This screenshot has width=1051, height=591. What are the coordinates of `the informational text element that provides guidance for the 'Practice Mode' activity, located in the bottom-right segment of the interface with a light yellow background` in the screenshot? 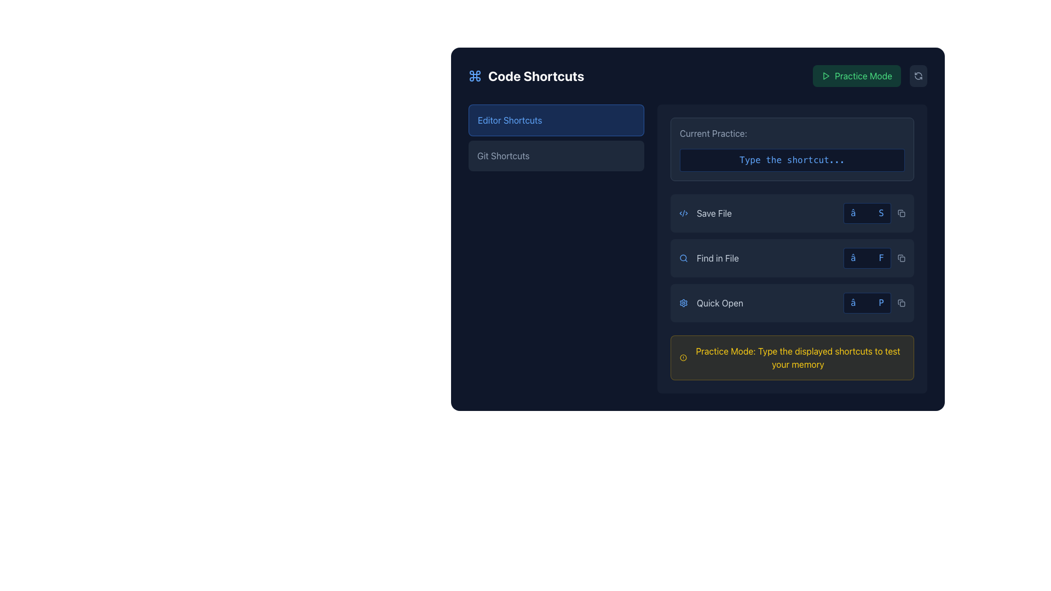 It's located at (792, 358).